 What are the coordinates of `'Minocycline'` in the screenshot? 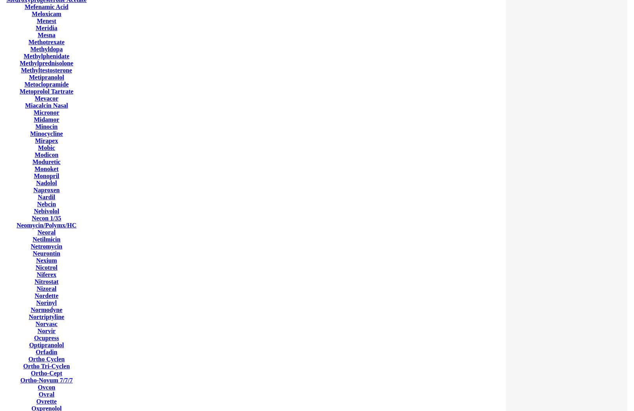 It's located at (46, 133).